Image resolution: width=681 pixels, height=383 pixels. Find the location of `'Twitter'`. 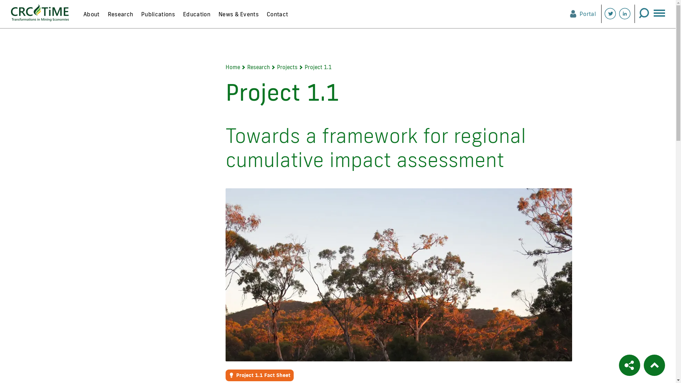

'Twitter' is located at coordinates (610, 13).